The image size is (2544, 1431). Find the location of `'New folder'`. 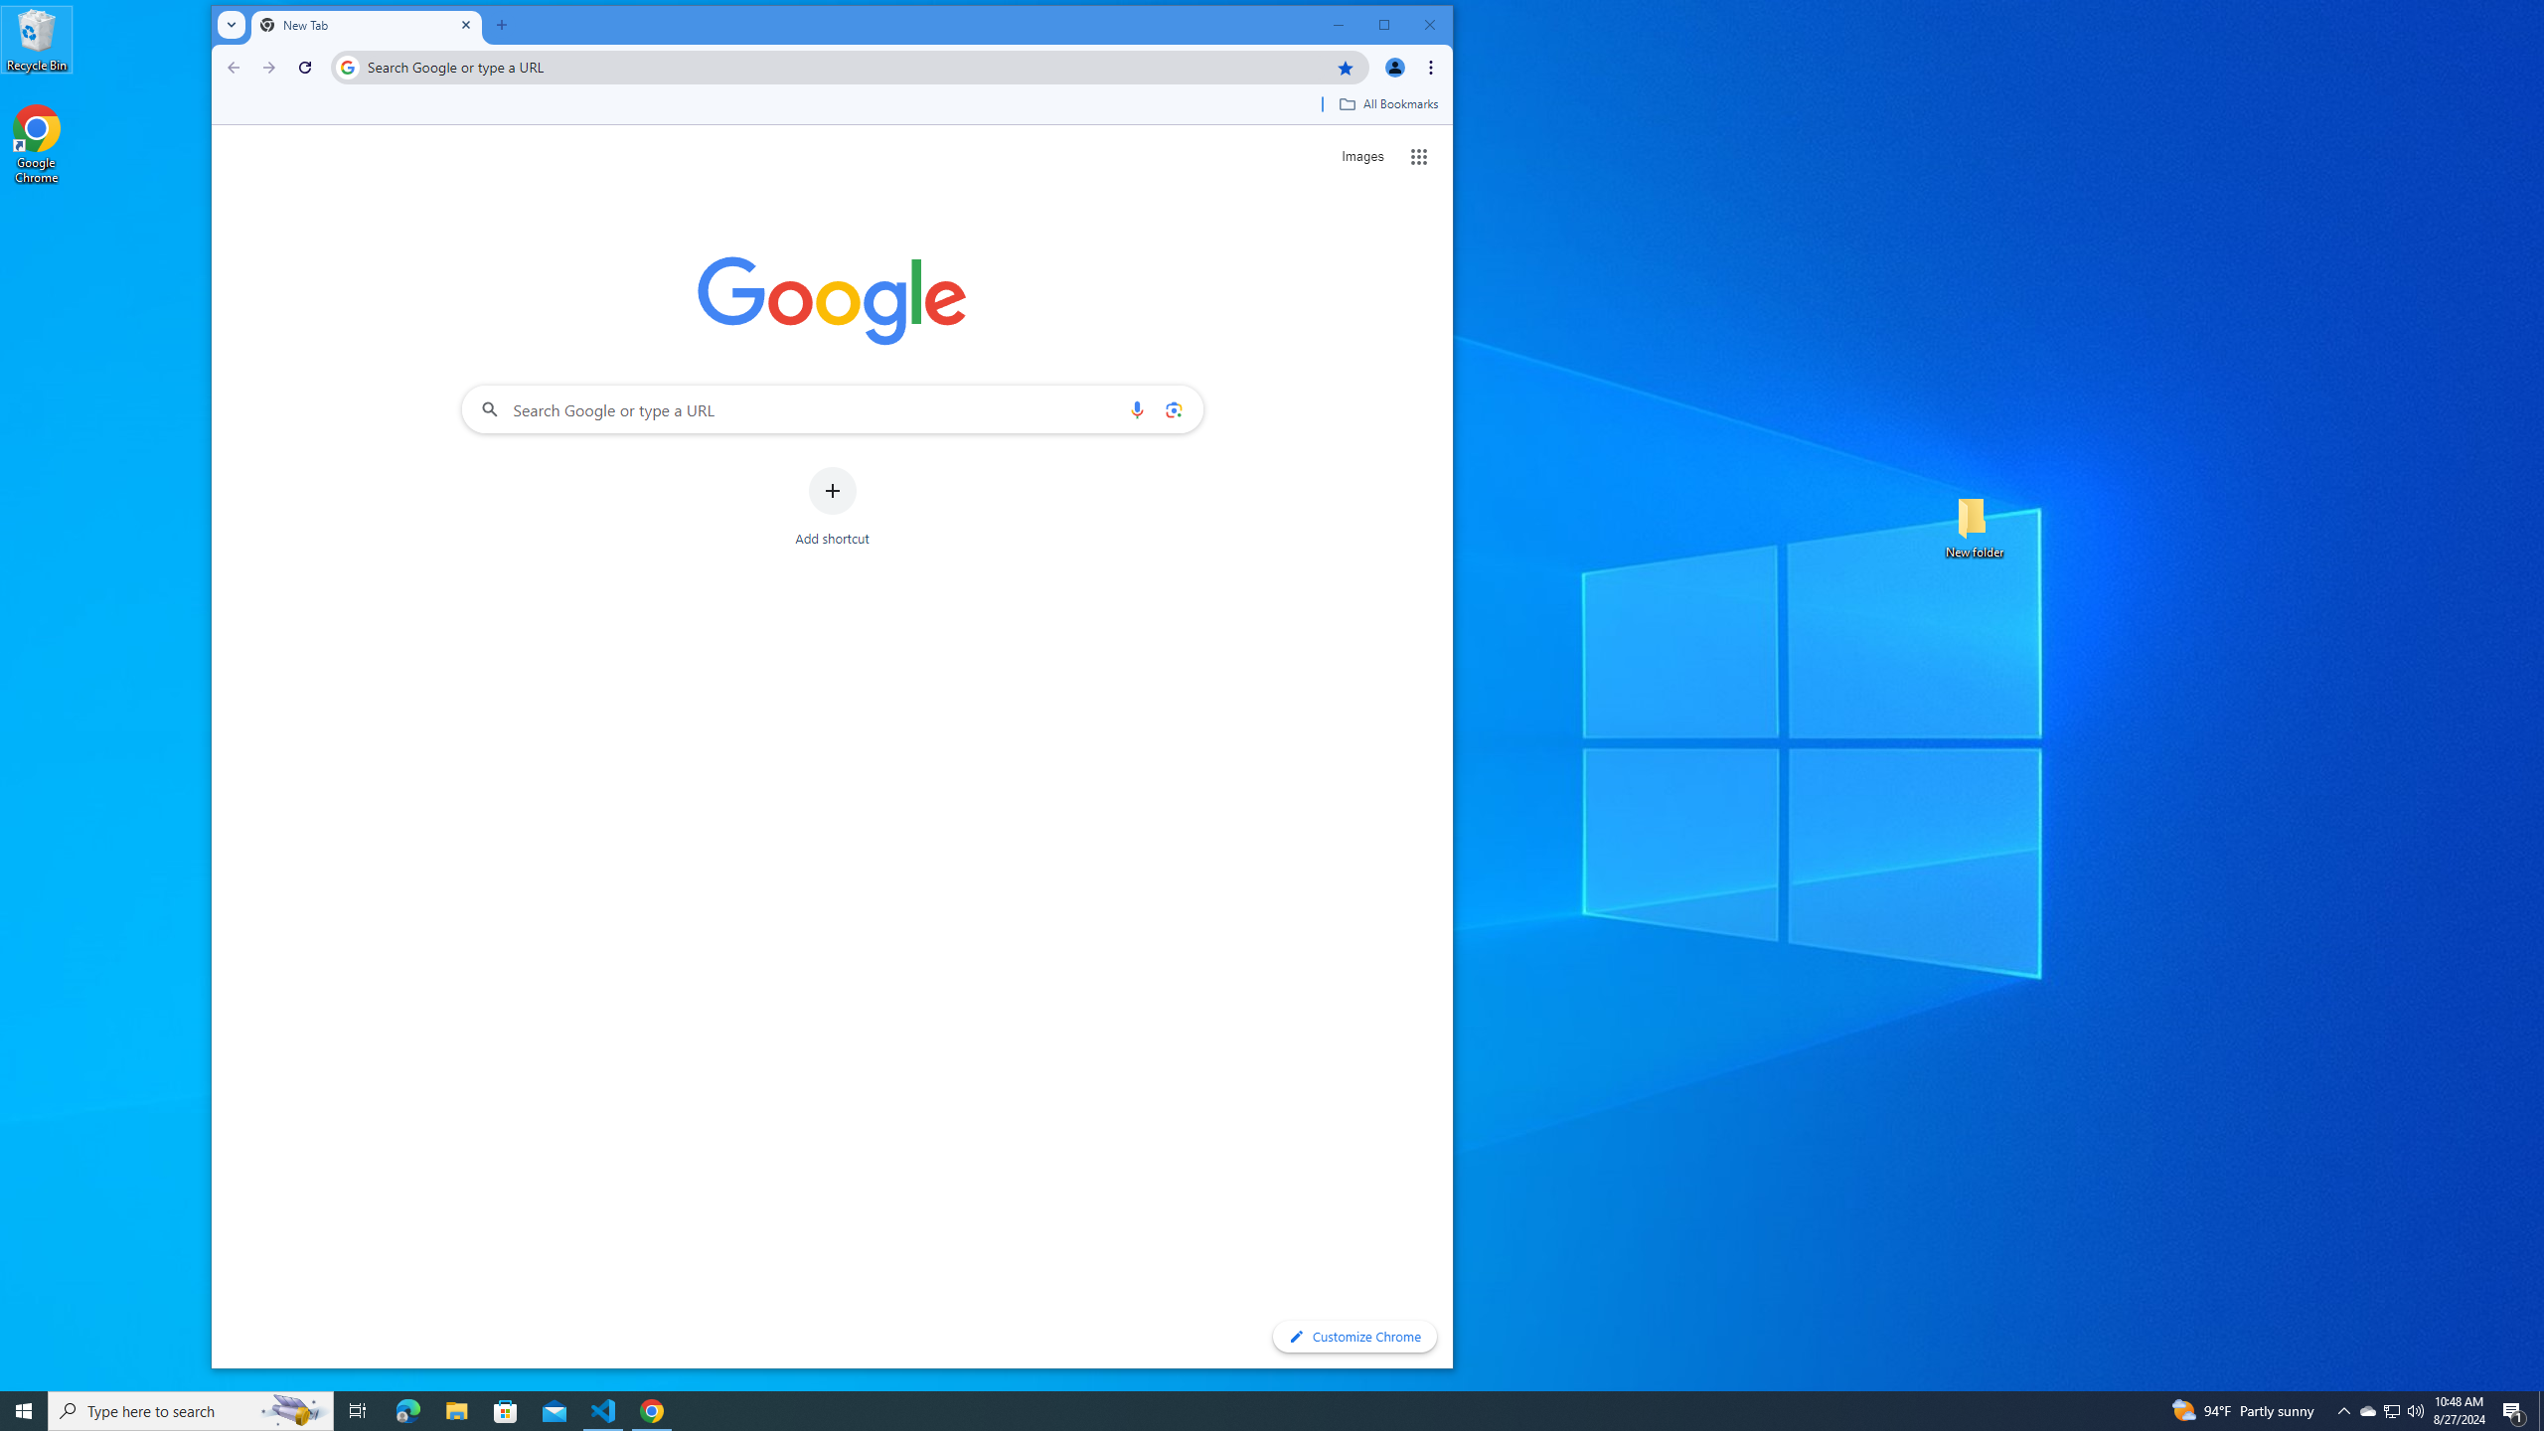

'New folder' is located at coordinates (1974, 525).